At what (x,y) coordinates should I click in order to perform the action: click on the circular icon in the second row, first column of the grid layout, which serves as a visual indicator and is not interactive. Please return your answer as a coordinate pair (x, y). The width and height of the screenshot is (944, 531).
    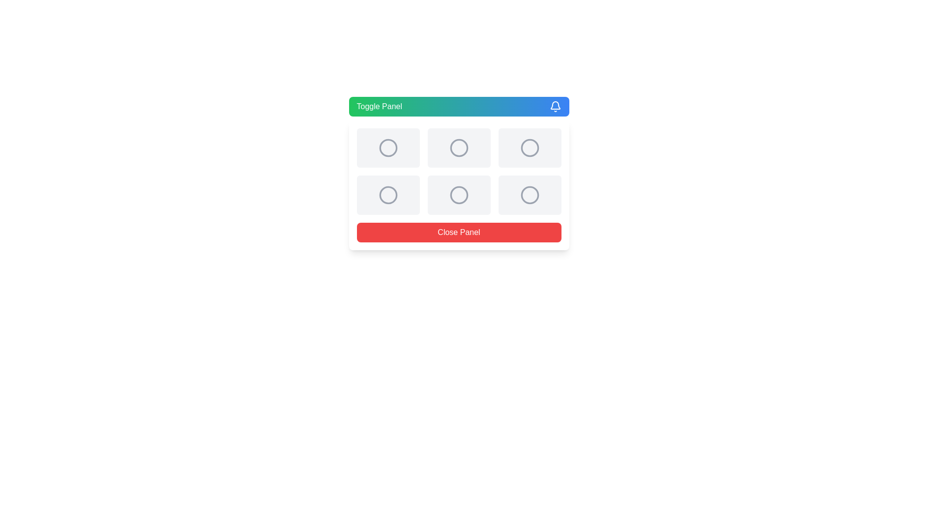
    Looking at the image, I should click on (387, 195).